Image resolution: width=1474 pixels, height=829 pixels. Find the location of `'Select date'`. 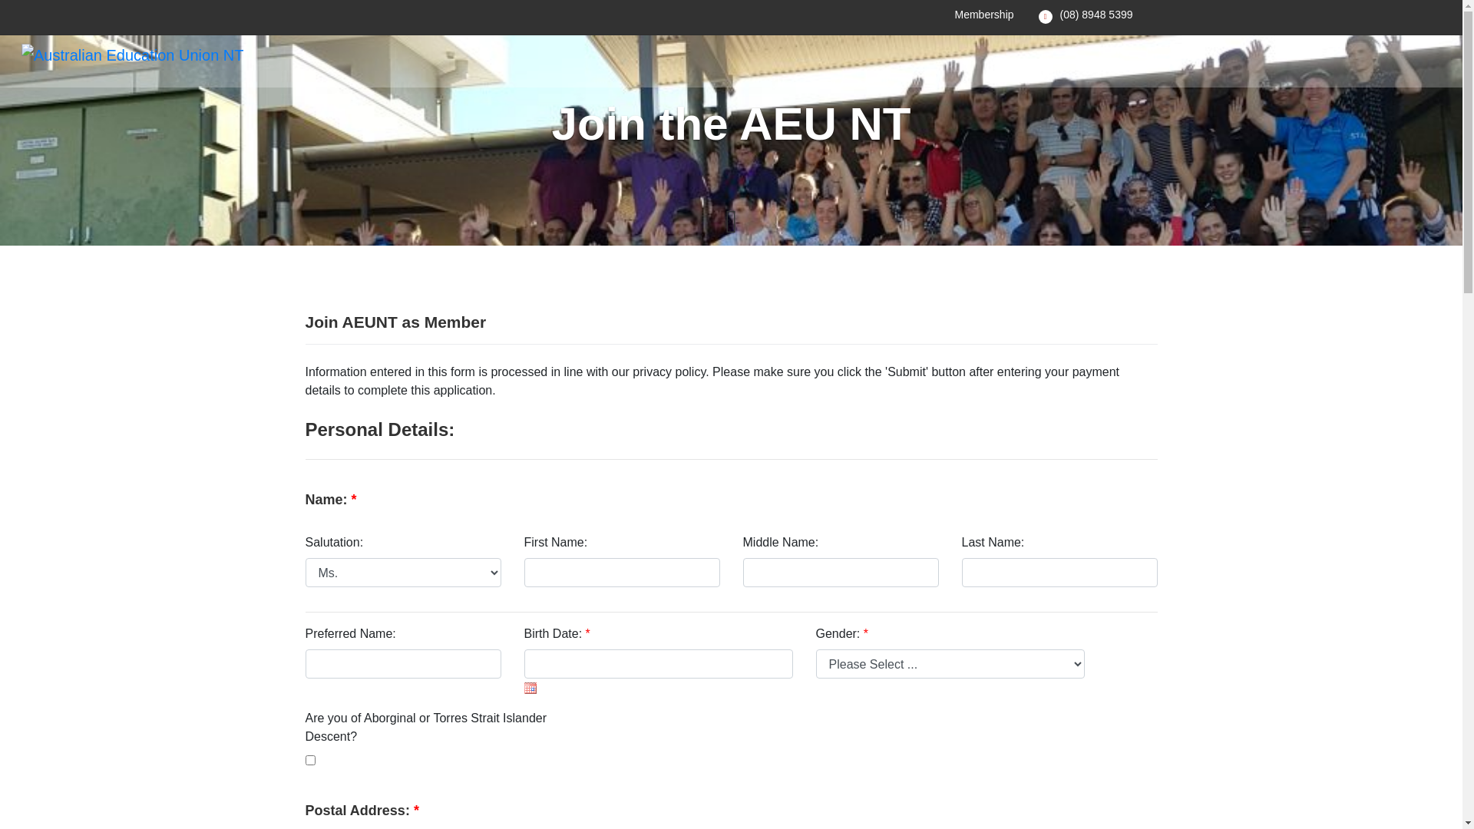

'Select date' is located at coordinates (530, 687).